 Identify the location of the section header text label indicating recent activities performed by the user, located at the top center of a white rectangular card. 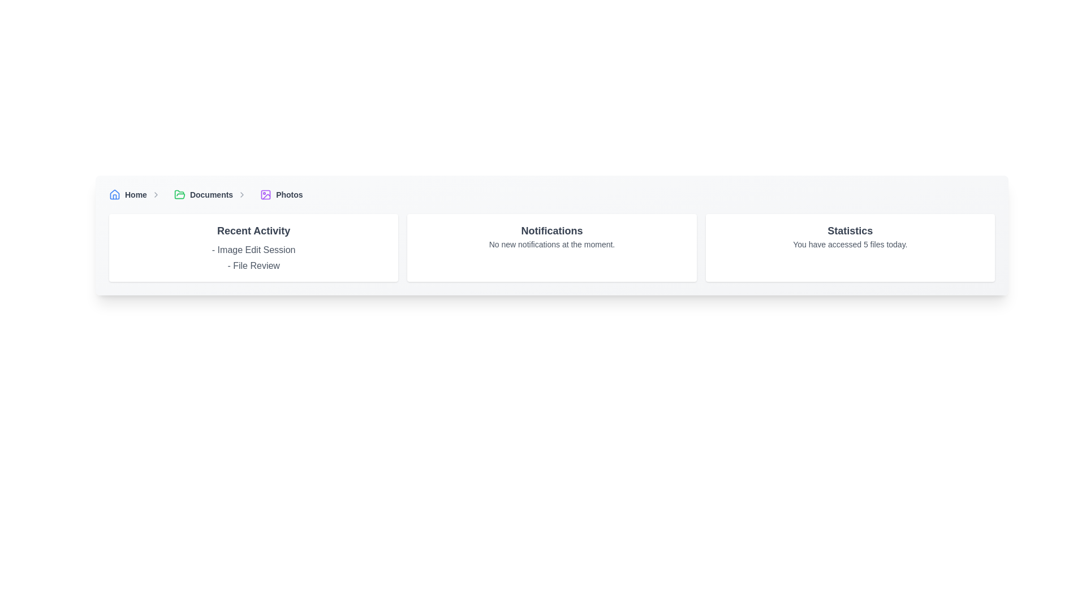
(253, 230).